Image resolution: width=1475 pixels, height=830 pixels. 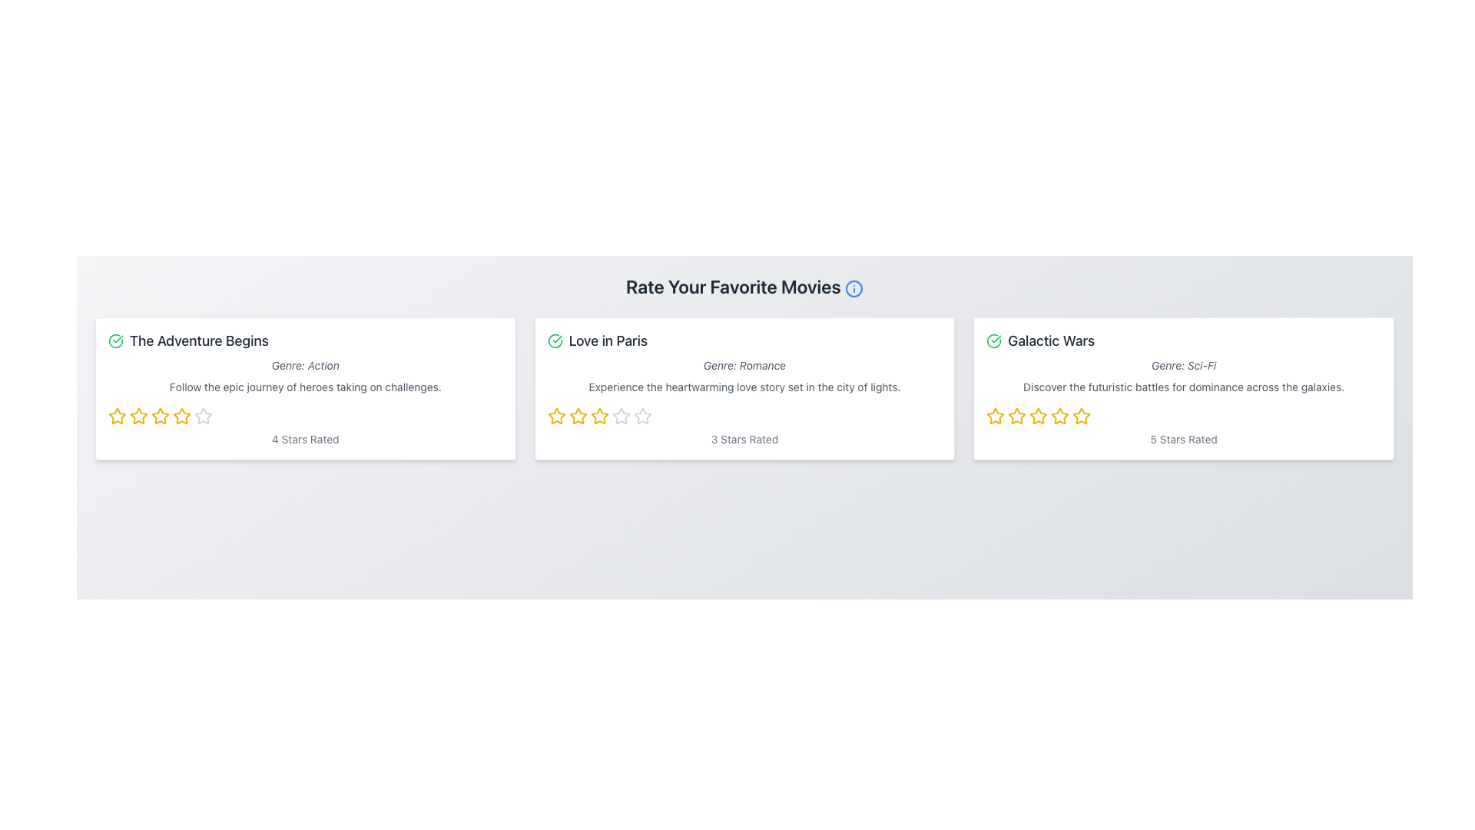 I want to click on the third star-shaped icon with a yellow outline in the 'Galactic Wars' rating card, so click(x=1017, y=417).